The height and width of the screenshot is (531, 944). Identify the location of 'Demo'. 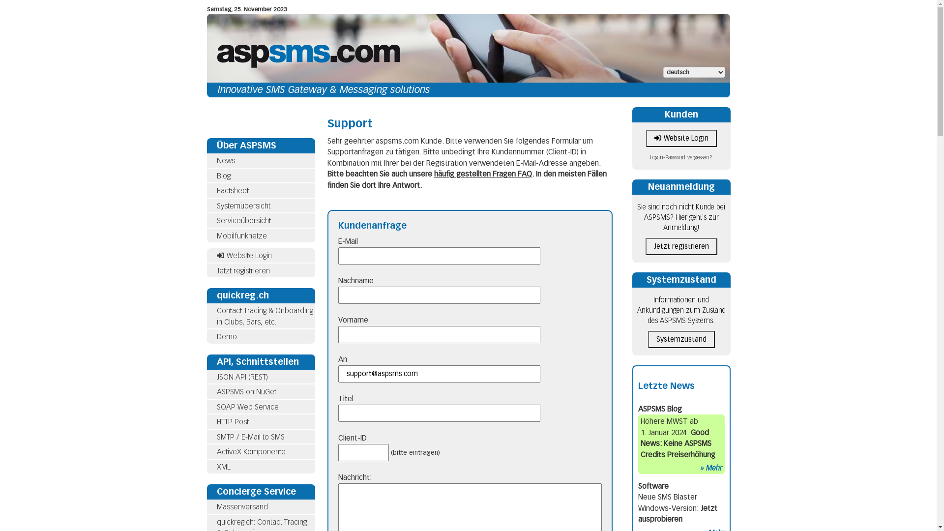
(260, 336).